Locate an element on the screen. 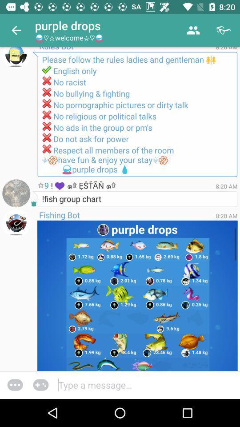  the spectacles icon on the top is located at coordinates (223, 30).